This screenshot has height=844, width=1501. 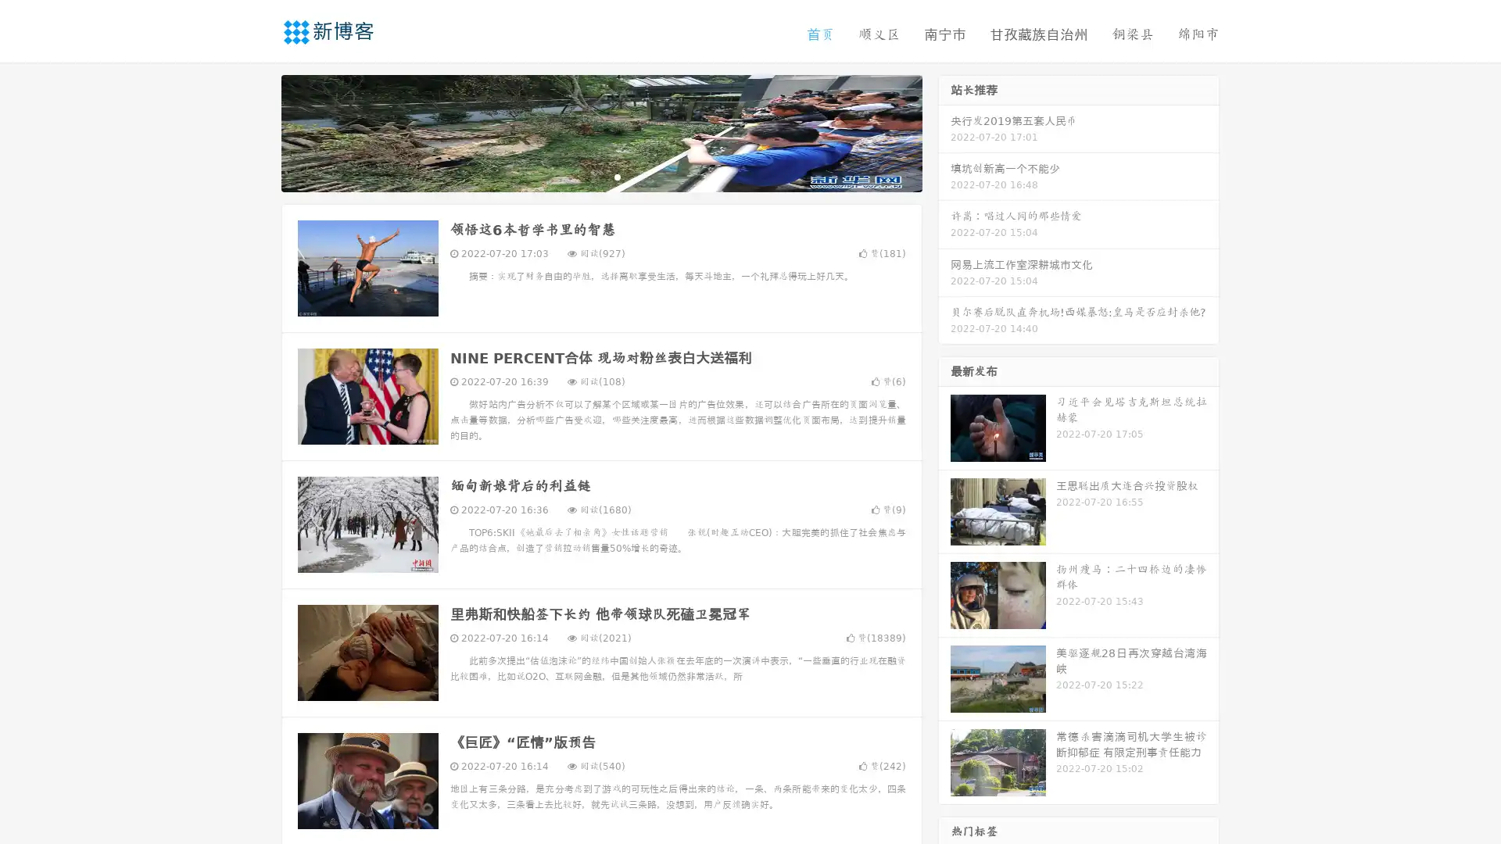 What do you see at coordinates (600, 176) in the screenshot?
I see `Go to slide 2` at bounding box center [600, 176].